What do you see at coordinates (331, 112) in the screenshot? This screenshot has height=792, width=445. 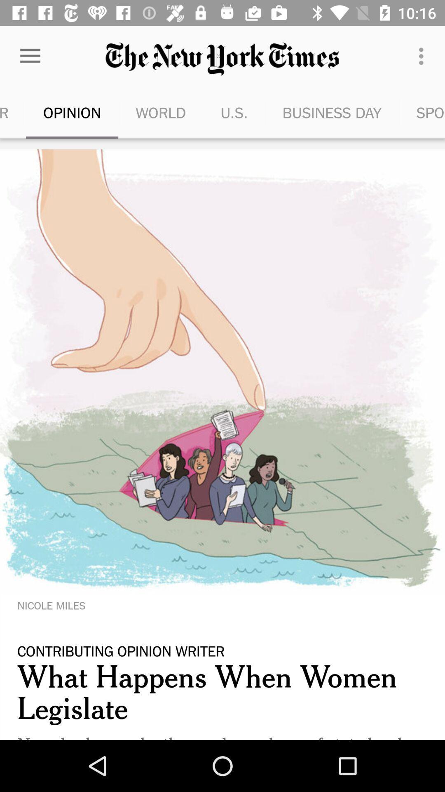 I see `the business day item` at bounding box center [331, 112].